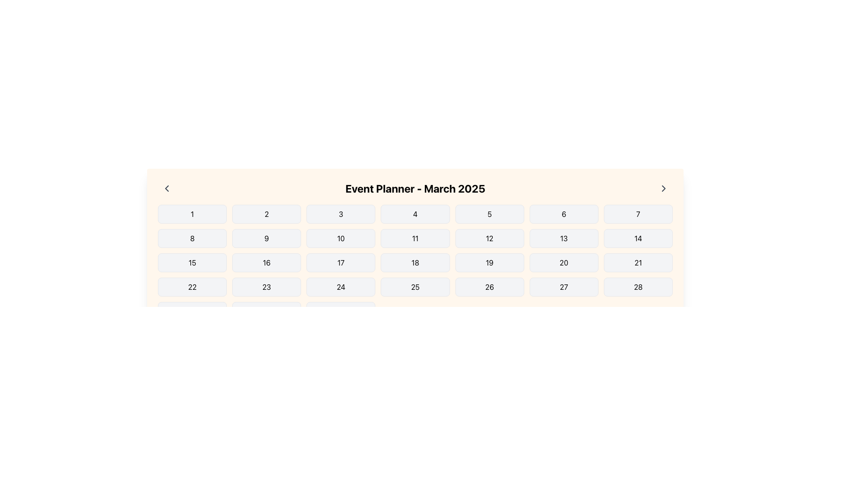 The image size is (864, 486). Describe the element at coordinates (638, 214) in the screenshot. I see `the button representing the 7th day of the month in the calendar view` at that location.